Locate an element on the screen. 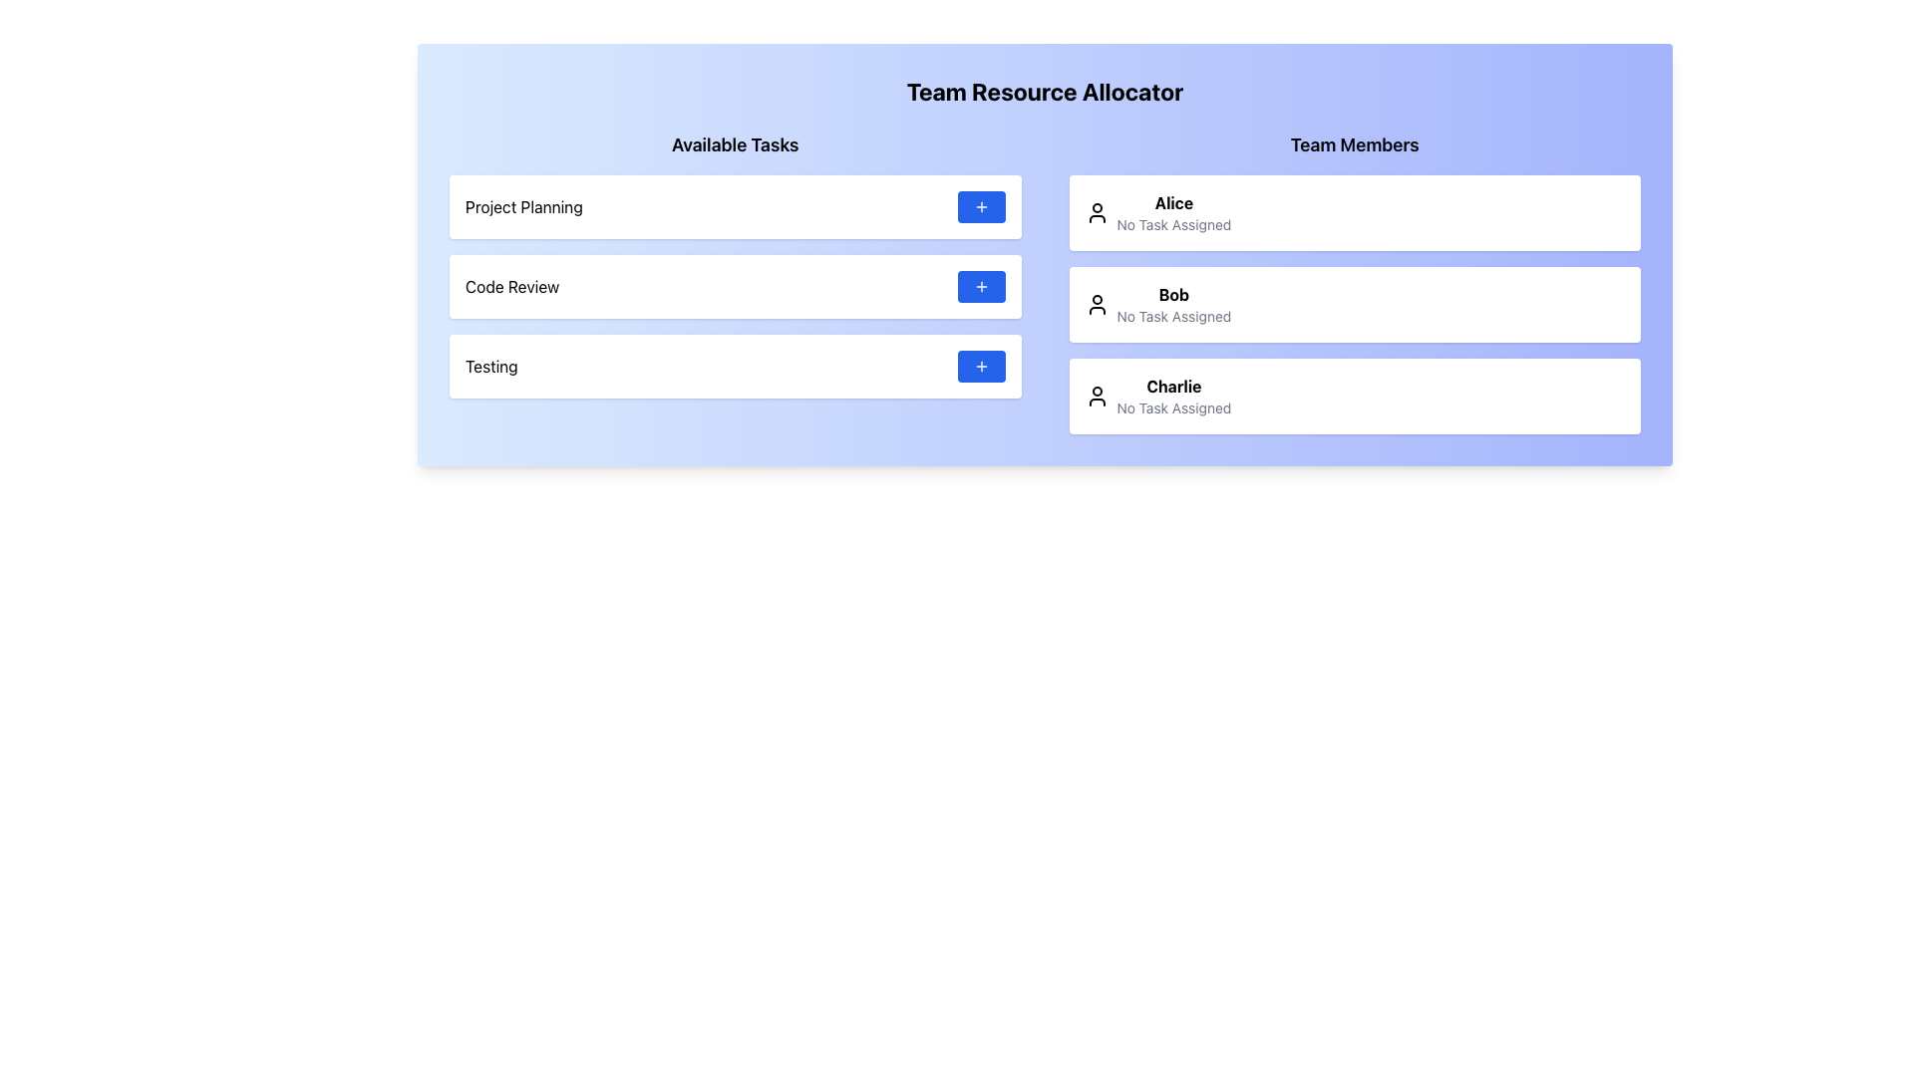  the informational text label indicating that user 'Bob' currently has no tasks assigned, located under the name 'Bob' in the second card of the 'Team Members' column is located at coordinates (1173, 315).